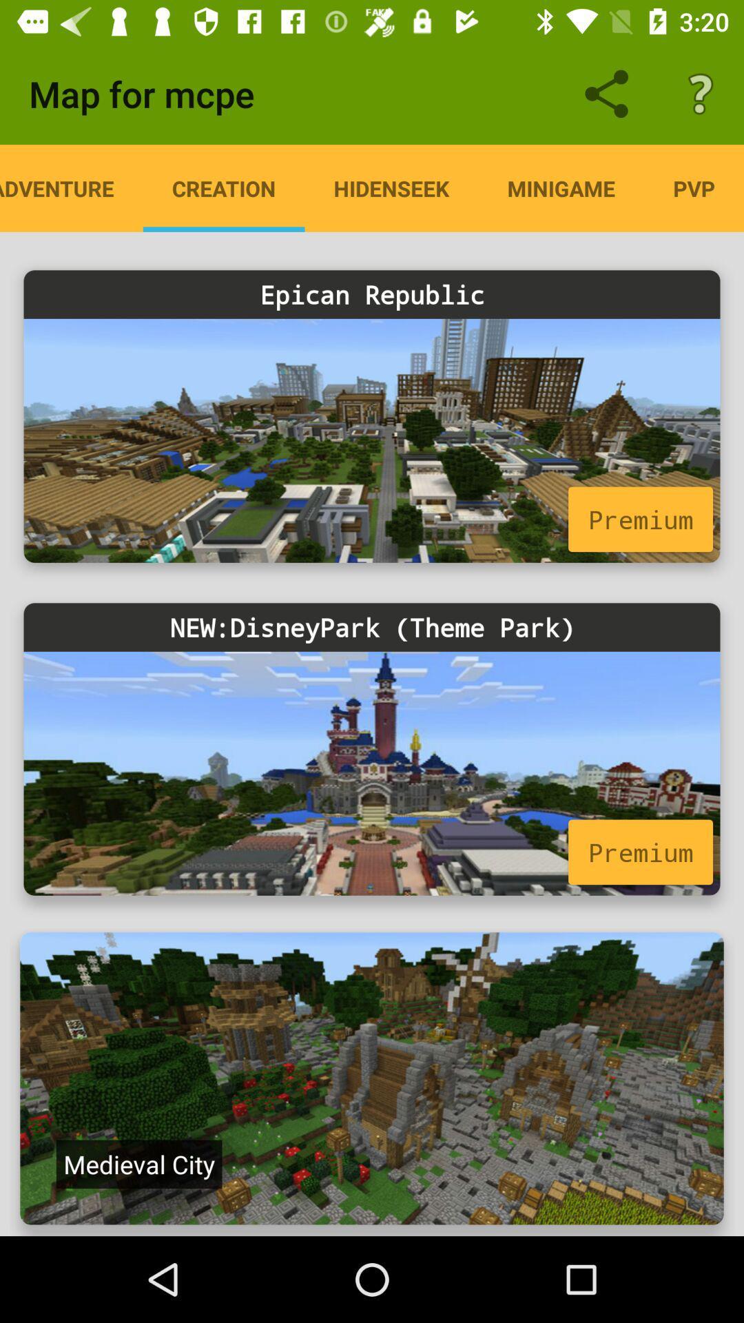 This screenshot has height=1323, width=744. Describe the element at coordinates (372, 440) in the screenshot. I see `map for epican republic` at that location.